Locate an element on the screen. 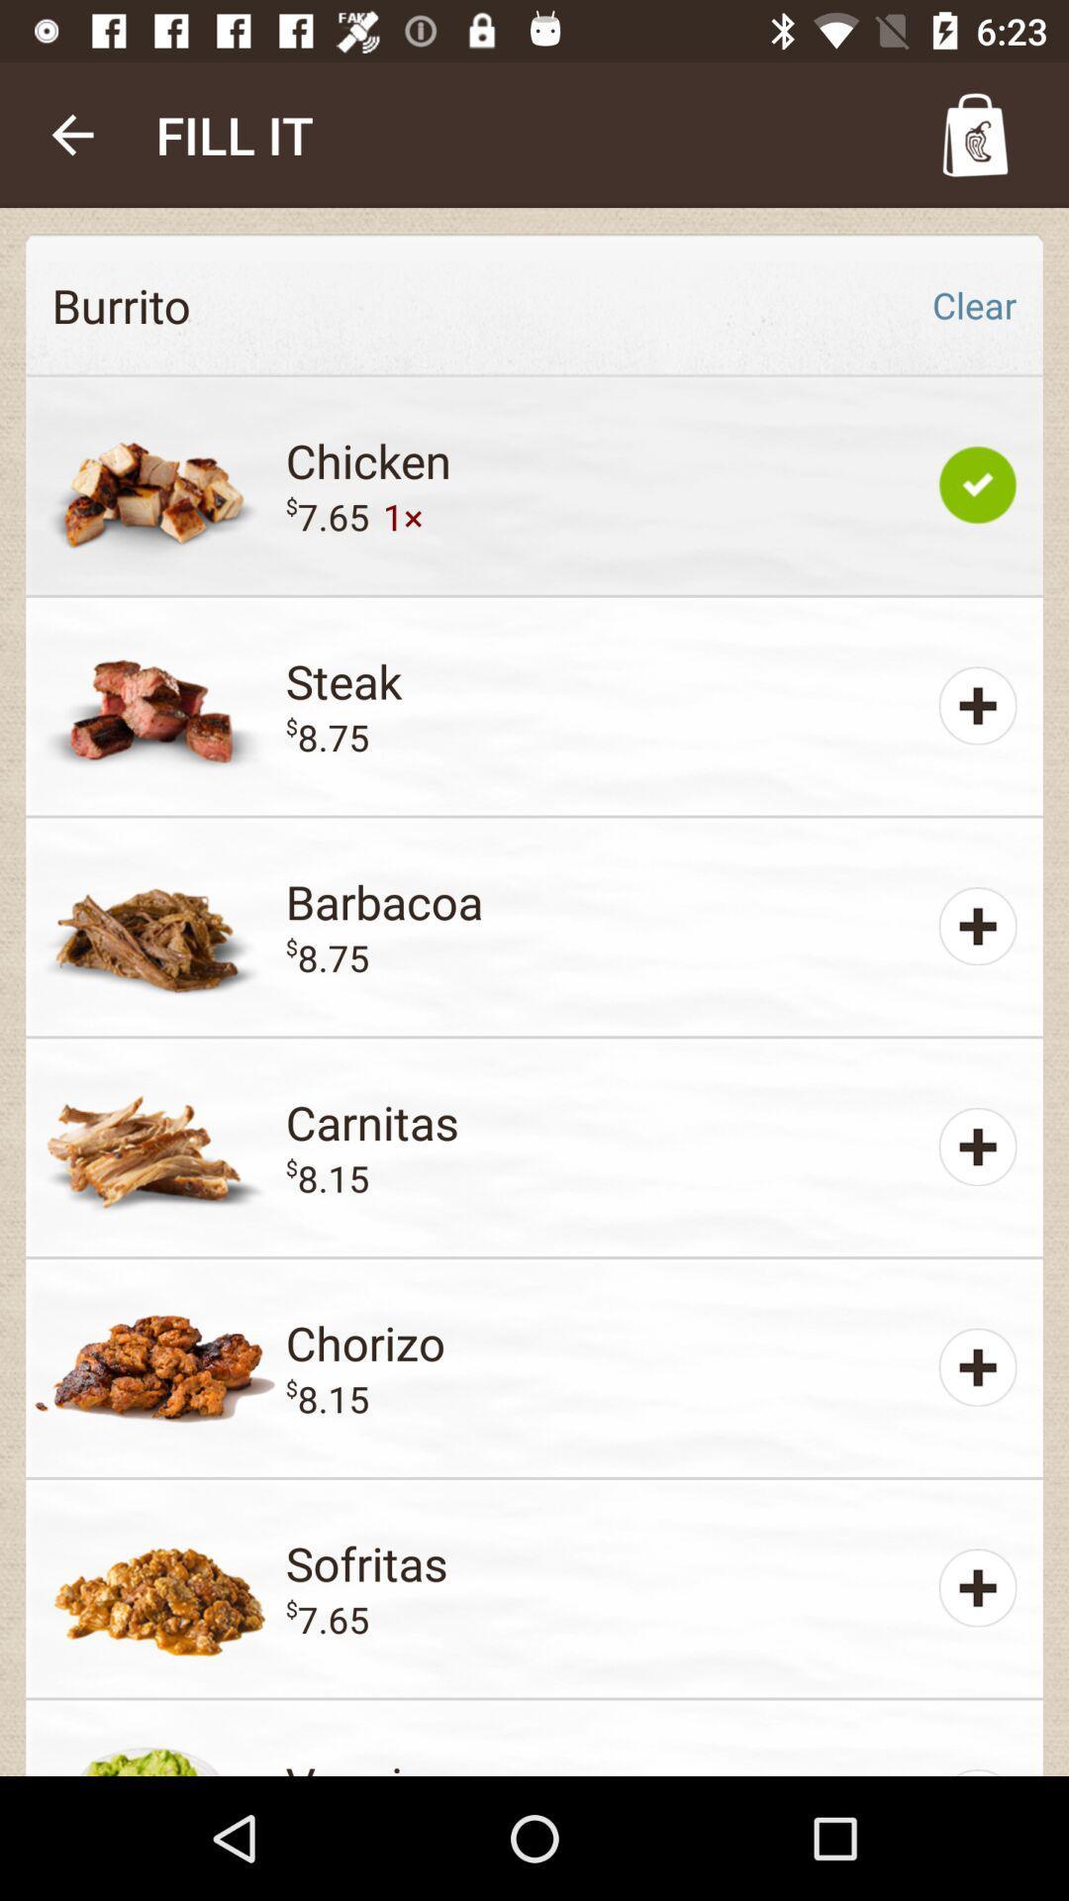  icon next to burrito item is located at coordinates (973, 304).